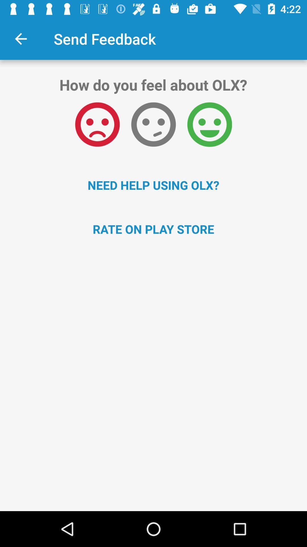  Describe the element at coordinates (97, 124) in the screenshot. I see `the icon below how do you icon` at that location.